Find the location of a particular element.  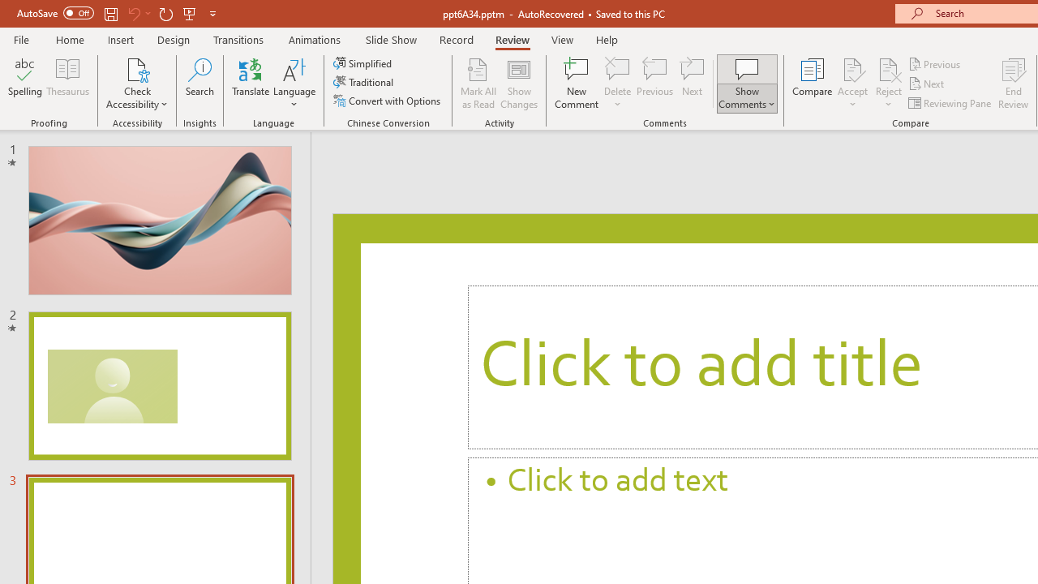

'Previous' is located at coordinates (935, 63).